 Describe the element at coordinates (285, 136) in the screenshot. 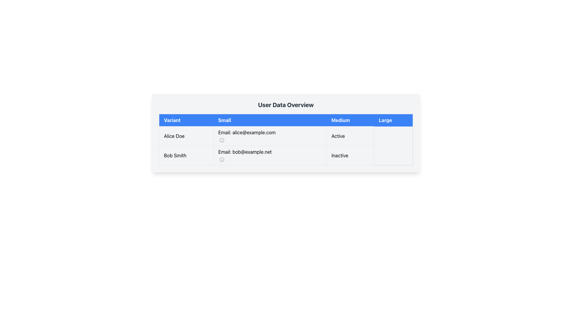

I see `the first row of user data for 'Alice Doe' within the table, which contains information under the headers 'Variant', 'Small', and 'Large'` at that location.